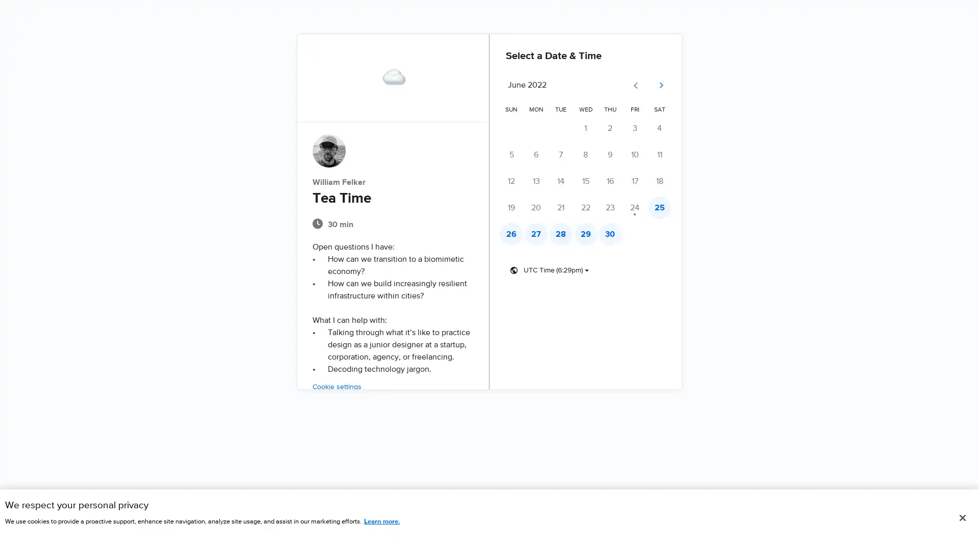 The height and width of the screenshot is (550, 979). I want to click on Tuesday, June 14 - No times available, so click(564, 180).